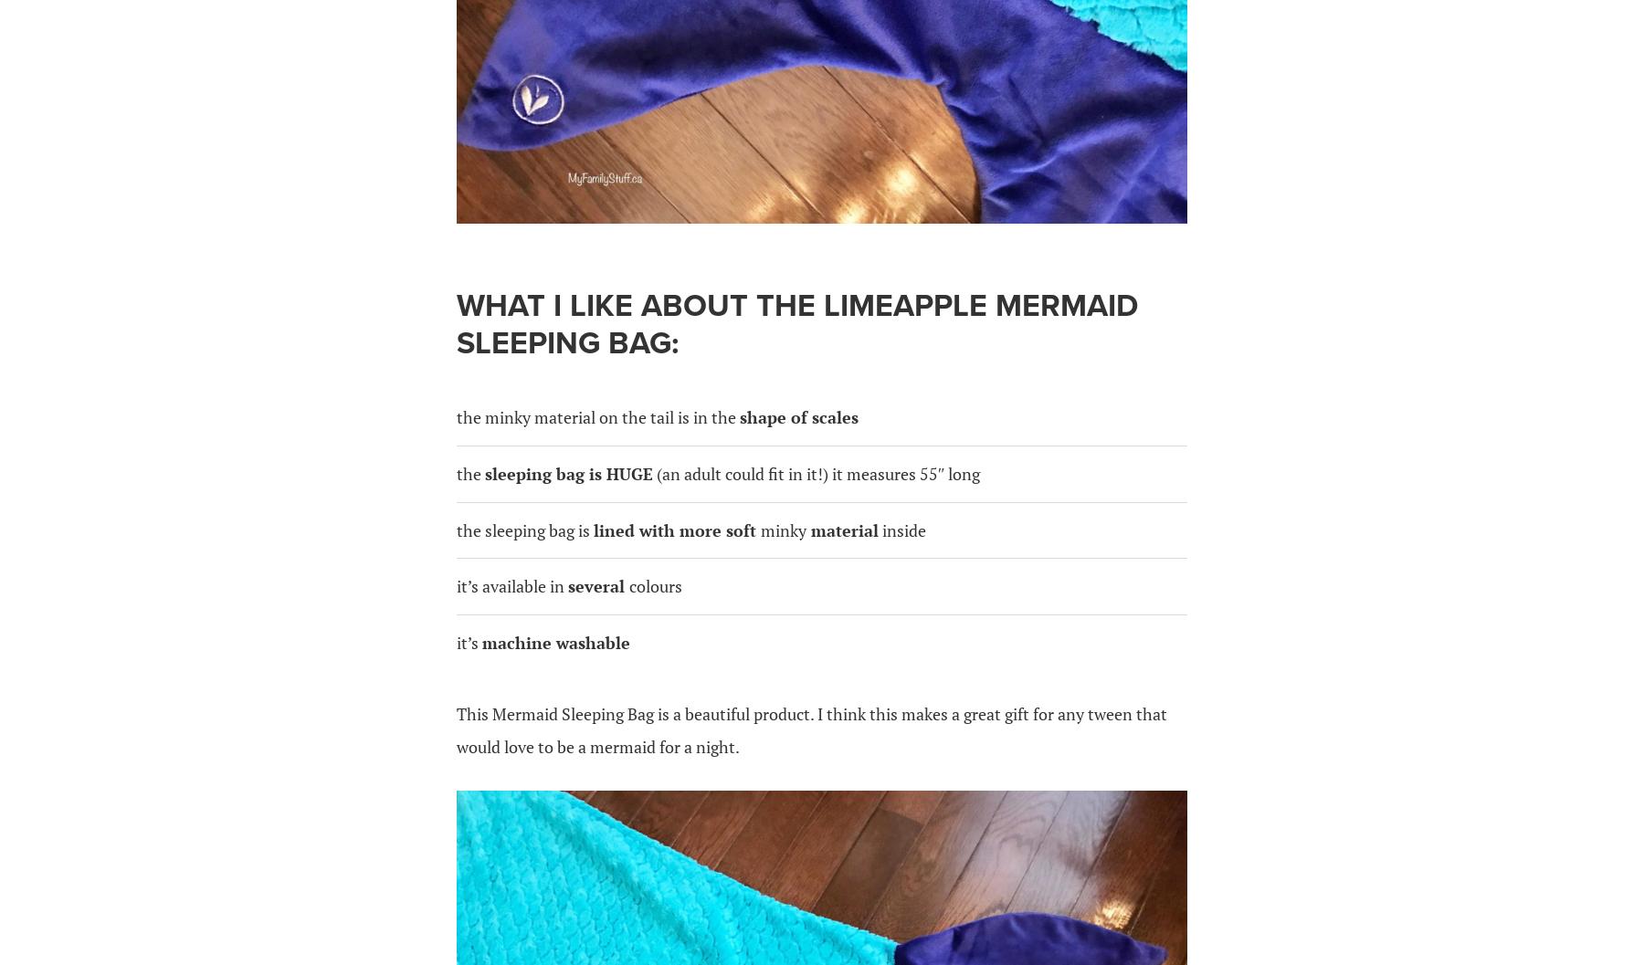 This screenshot has height=965, width=1644. What do you see at coordinates (901, 528) in the screenshot?
I see `'inside'` at bounding box center [901, 528].